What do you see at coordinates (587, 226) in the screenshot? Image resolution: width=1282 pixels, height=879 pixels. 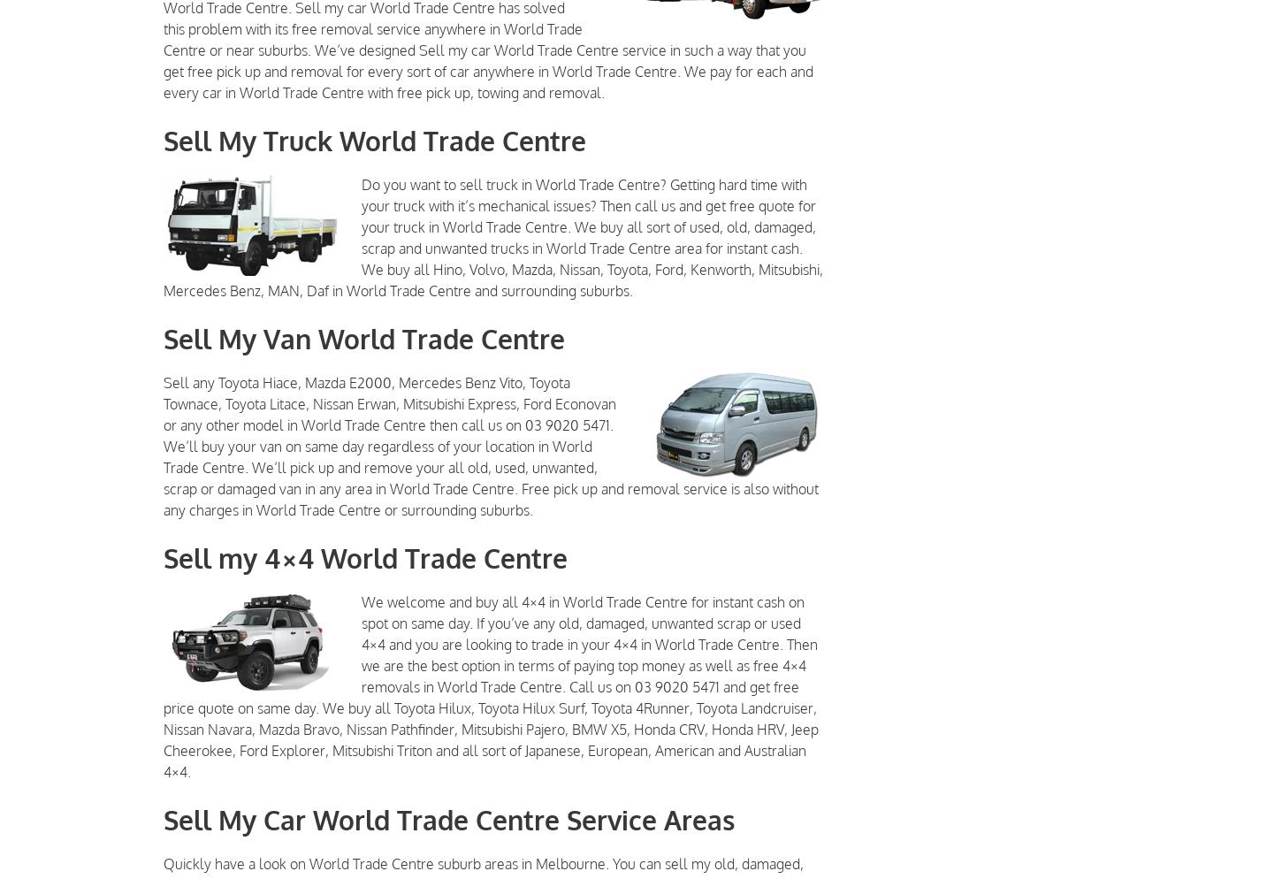 I see `'Do you want to sell truck in World Trade Centre? Getting hard time with your truck with it’s mechanical issues? Then call us and get free quote for your truck in World Trade Centre. We buy all sort of used, old, damaged, scrap and unwanted trucks in World Trade Centre area for instant cash. We buy all Hino, Volvo,'` at bounding box center [587, 226].